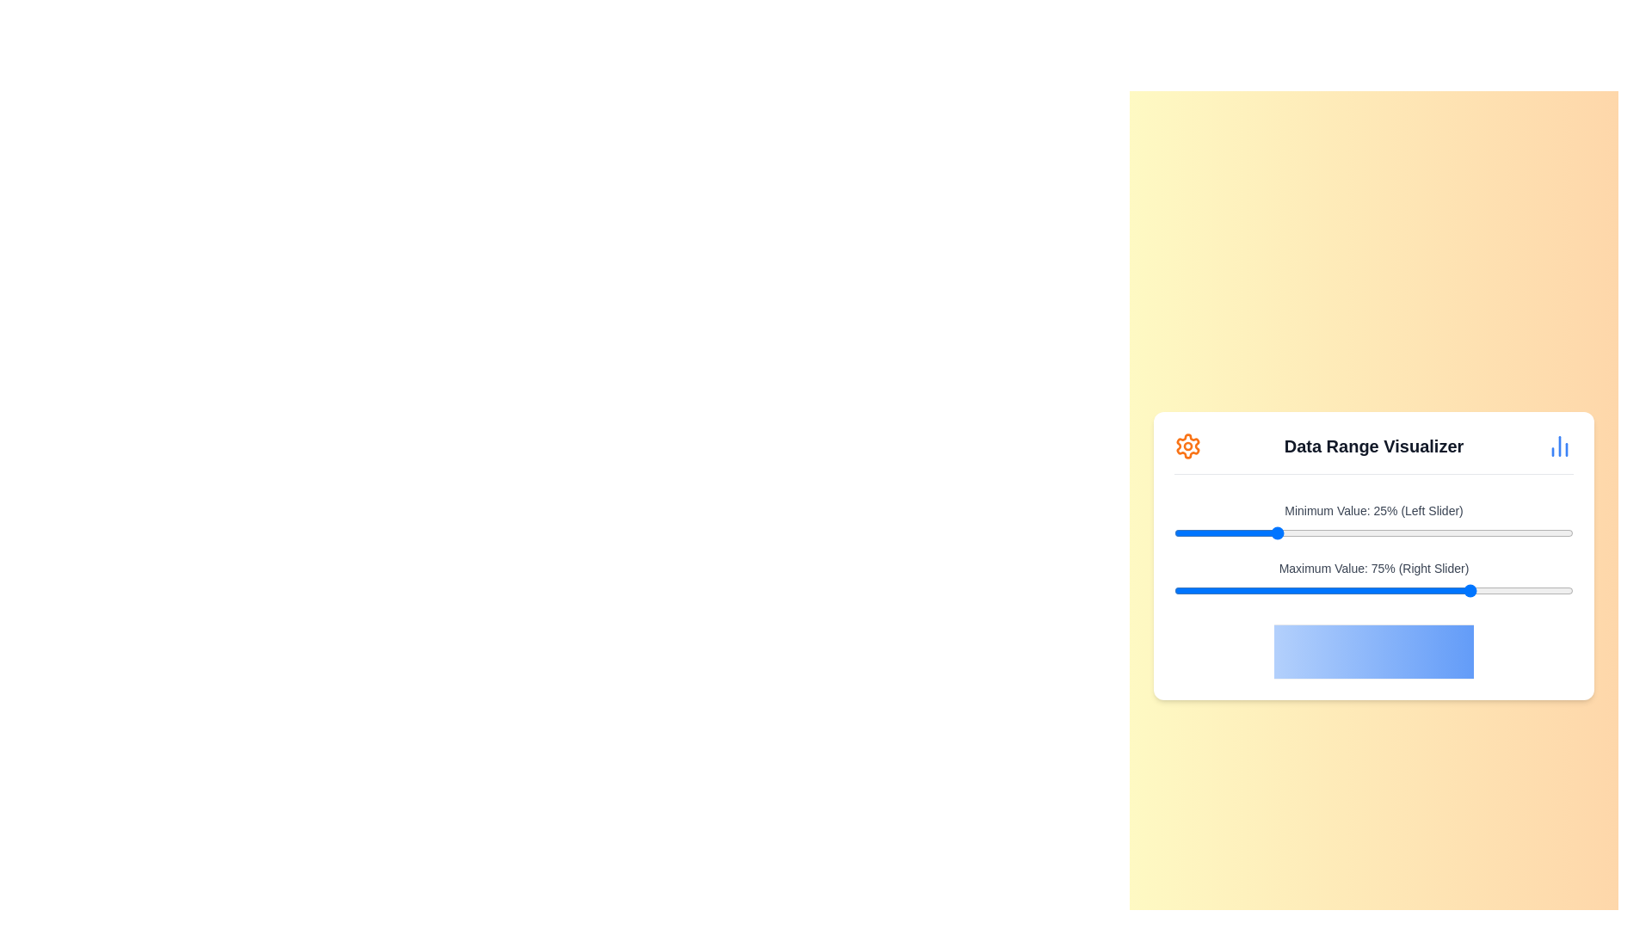 The width and height of the screenshot is (1652, 929). I want to click on the blue bar chart icon in the 'Data Range Visualizer' section of the top bar, so click(1560, 445).